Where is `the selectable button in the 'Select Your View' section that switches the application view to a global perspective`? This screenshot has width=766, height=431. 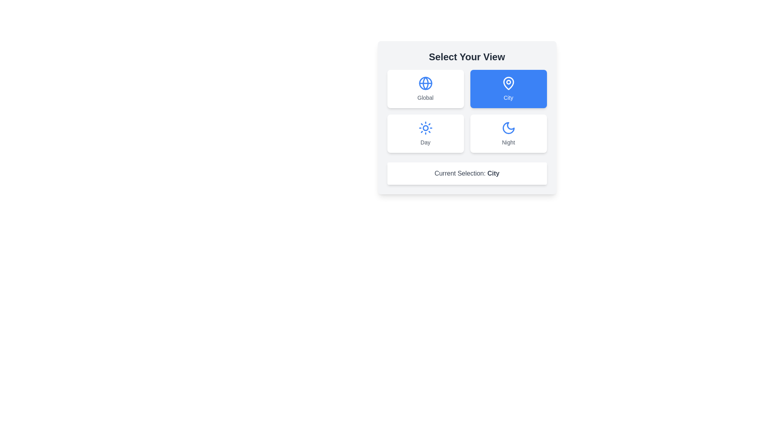
the selectable button in the 'Select Your View' section that switches the application view to a global perspective is located at coordinates (425, 89).